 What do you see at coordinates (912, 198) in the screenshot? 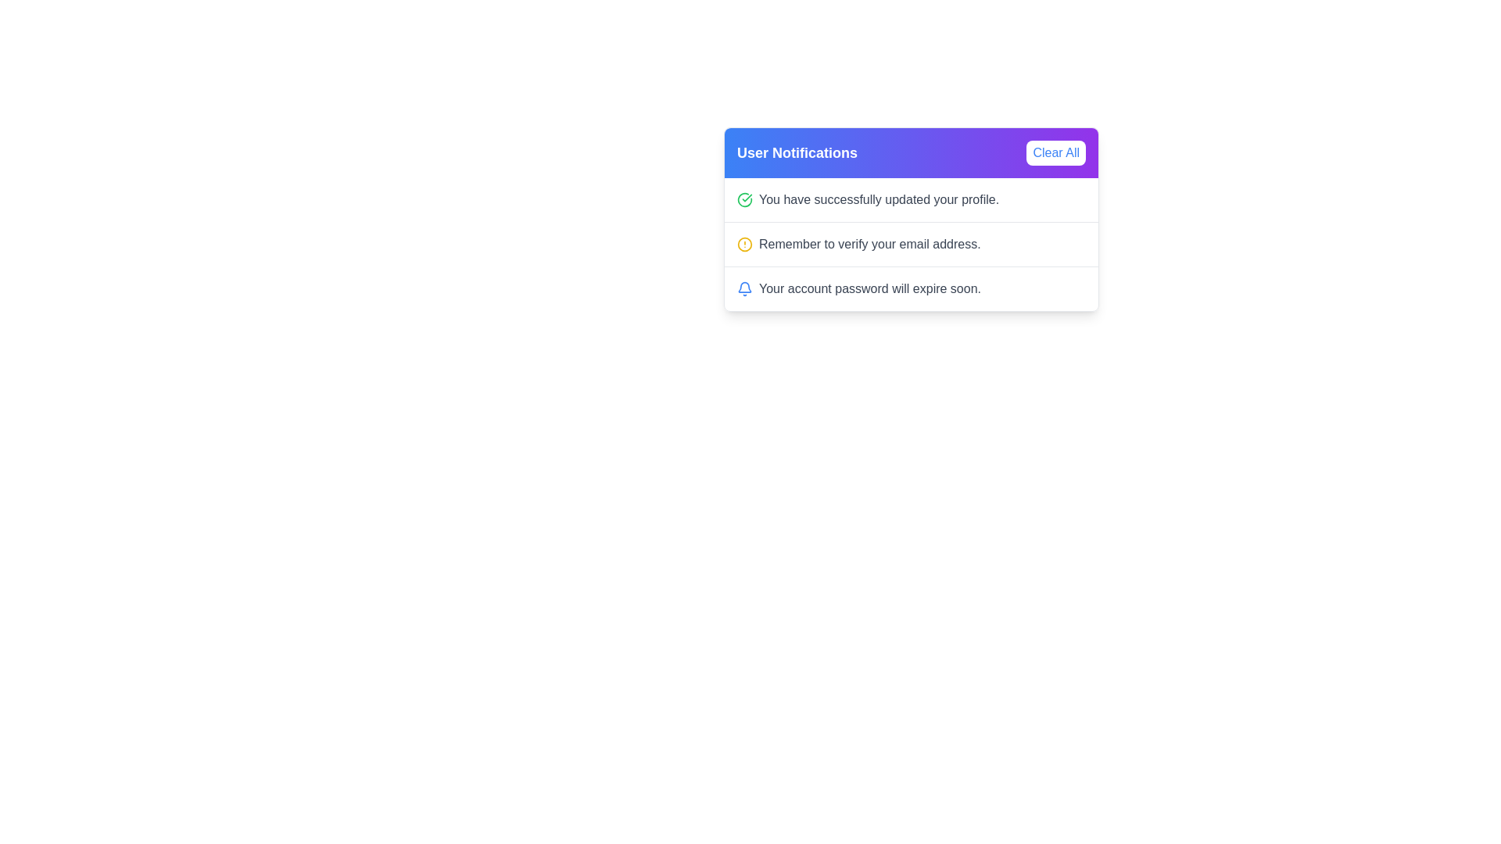
I see `the Notification panel that indicates a successful profile update, positioned under 'User Notifications' and above two other notifications` at bounding box center [912, 198].